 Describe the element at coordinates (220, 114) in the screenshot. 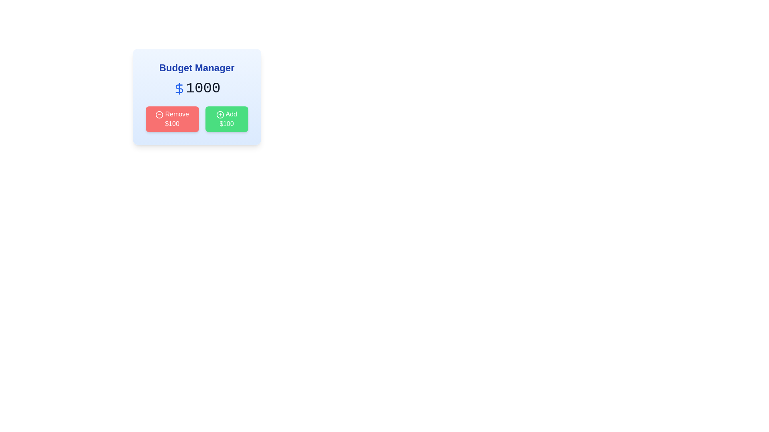

I see `the circular element within the green button labeled 'Add $100'` at that location.